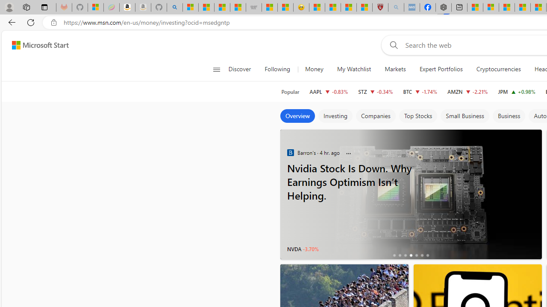  Describe the element at coordinates (44, 7) in the screenshot. I see `'Tab actions menu'` at that location.